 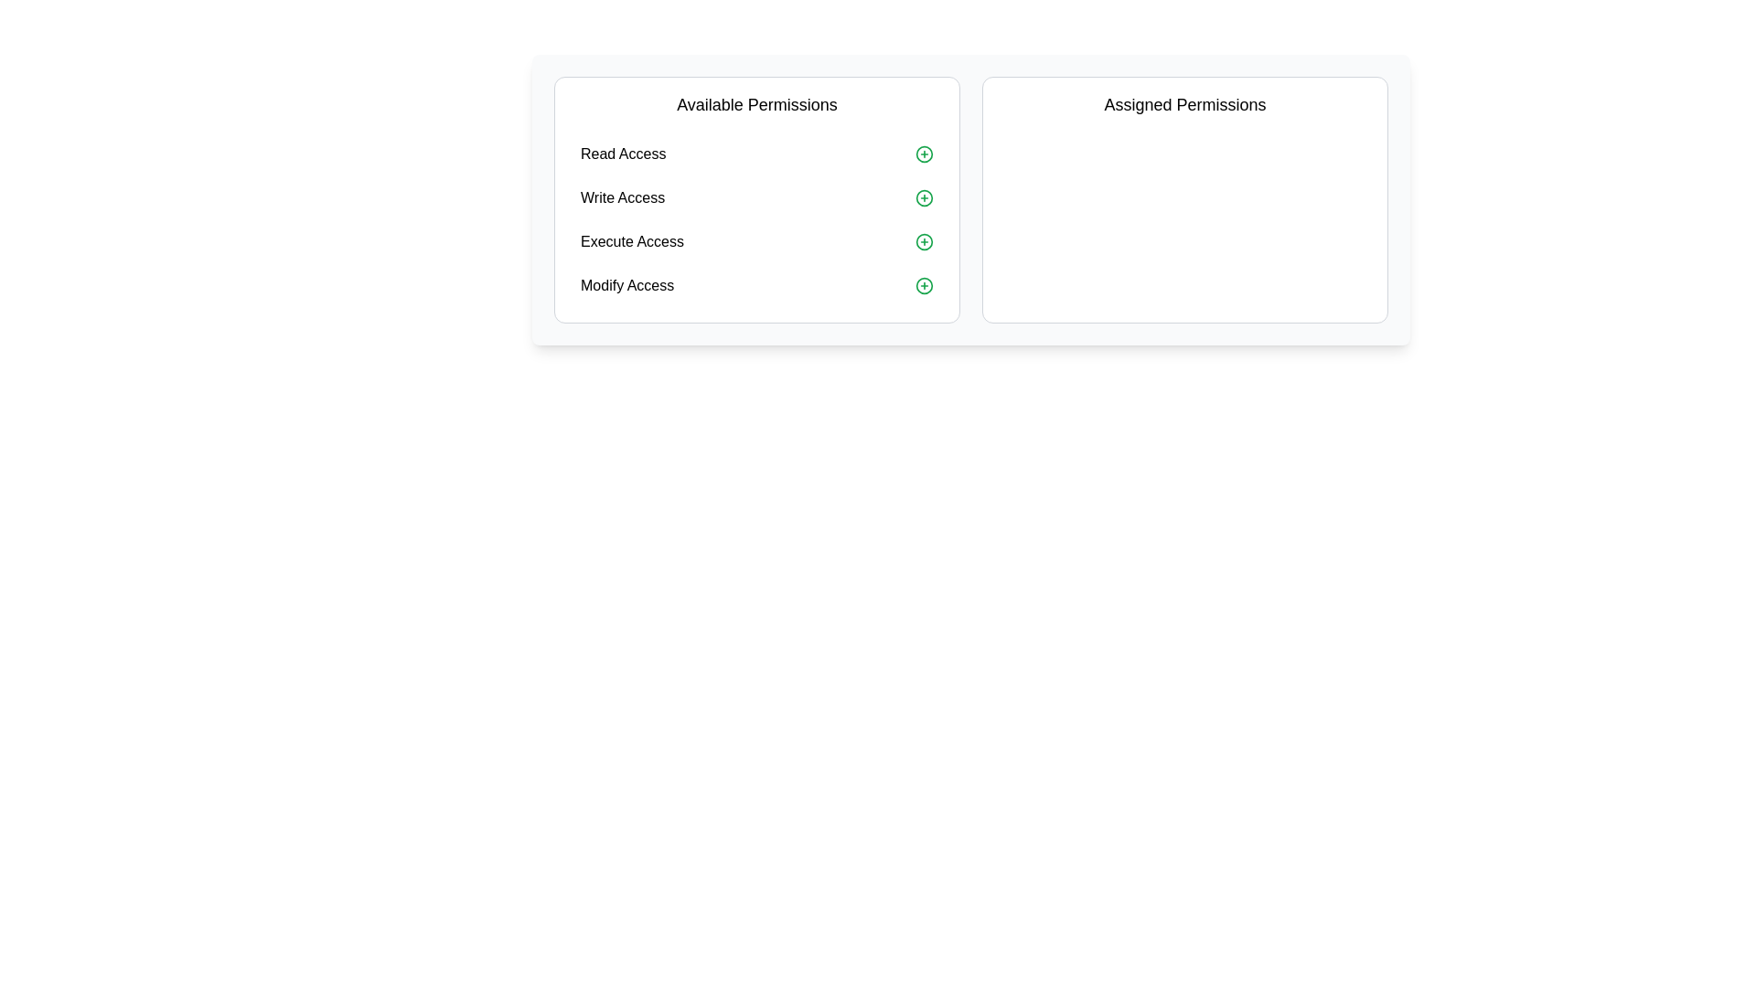 What do you see at coordinates (925, 241) in the screenshot?
I see `'+' icon next to the permission labeled 'Execute Access' in the 'Available Permissions' list` at bounding box center [925, 241].